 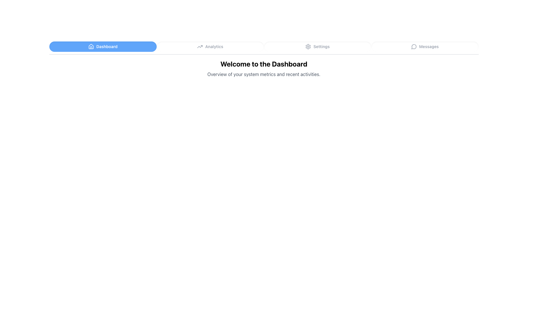 What do you see at coordinates (321, 46) in the screenshot?
I see `the settings label in the top navigation bar, which is the last text label on the right` at bounding box center [321, 46].